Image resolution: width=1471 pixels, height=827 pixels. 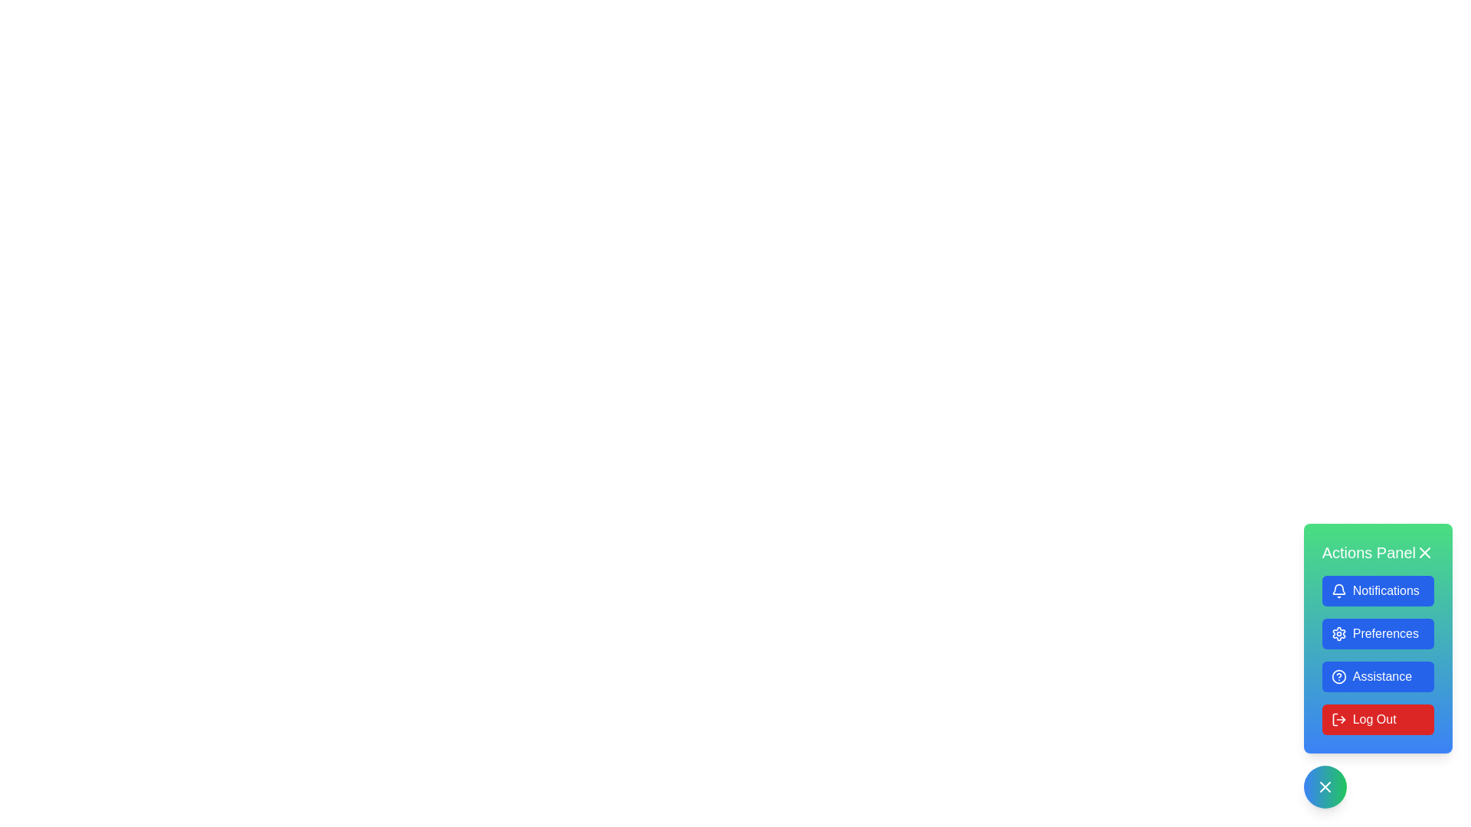 What do you see at coordinates (1424, 552) in the screenshot?
I see `the small cross icon in the top-right corner of the 'Actions Panel'` at bounding box center [1424, 552].